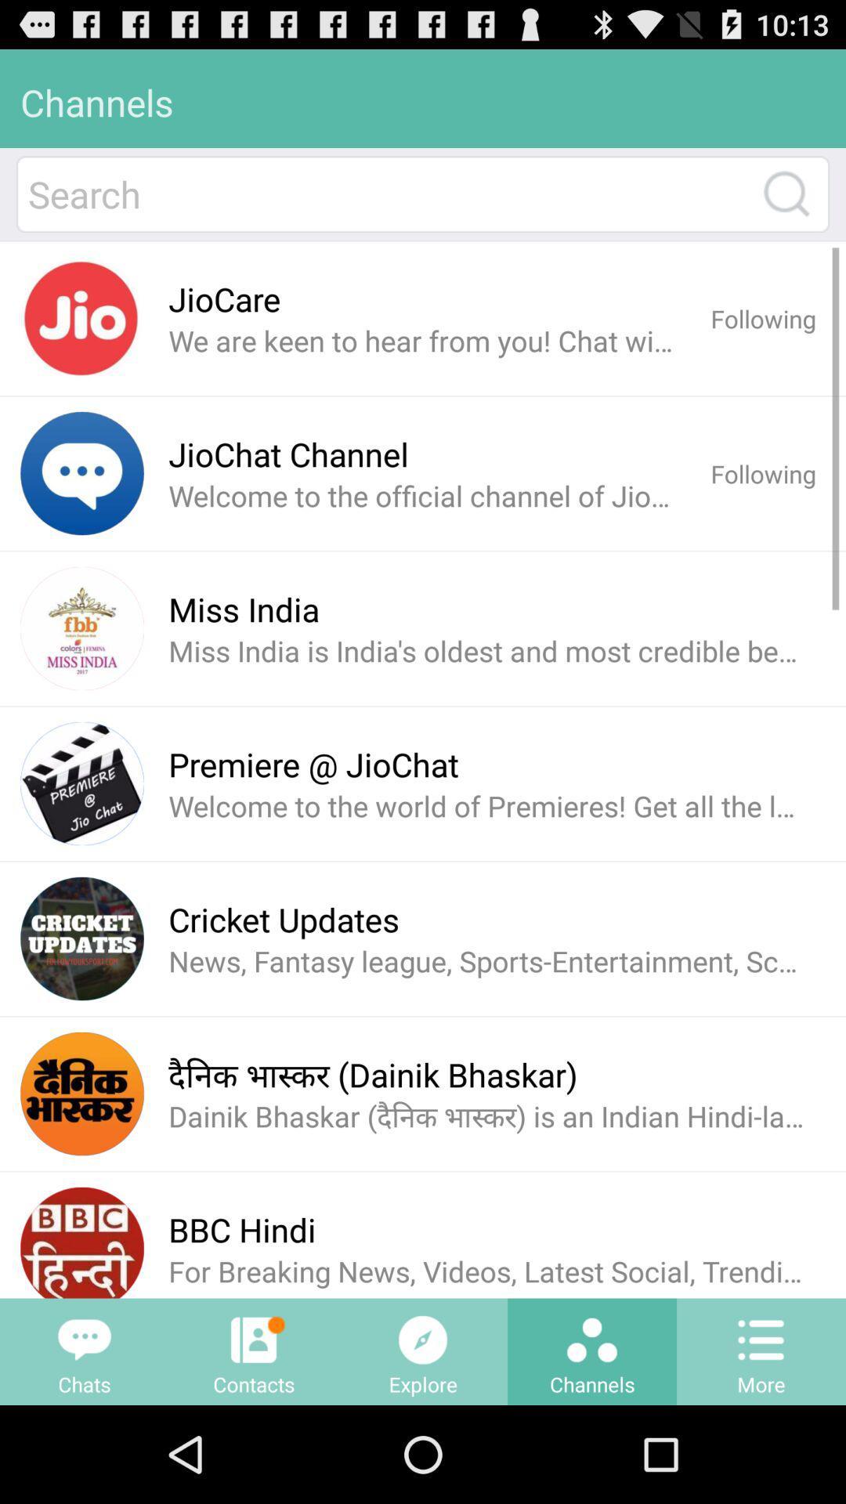  I want to click on search for a name, so click(386, 193).